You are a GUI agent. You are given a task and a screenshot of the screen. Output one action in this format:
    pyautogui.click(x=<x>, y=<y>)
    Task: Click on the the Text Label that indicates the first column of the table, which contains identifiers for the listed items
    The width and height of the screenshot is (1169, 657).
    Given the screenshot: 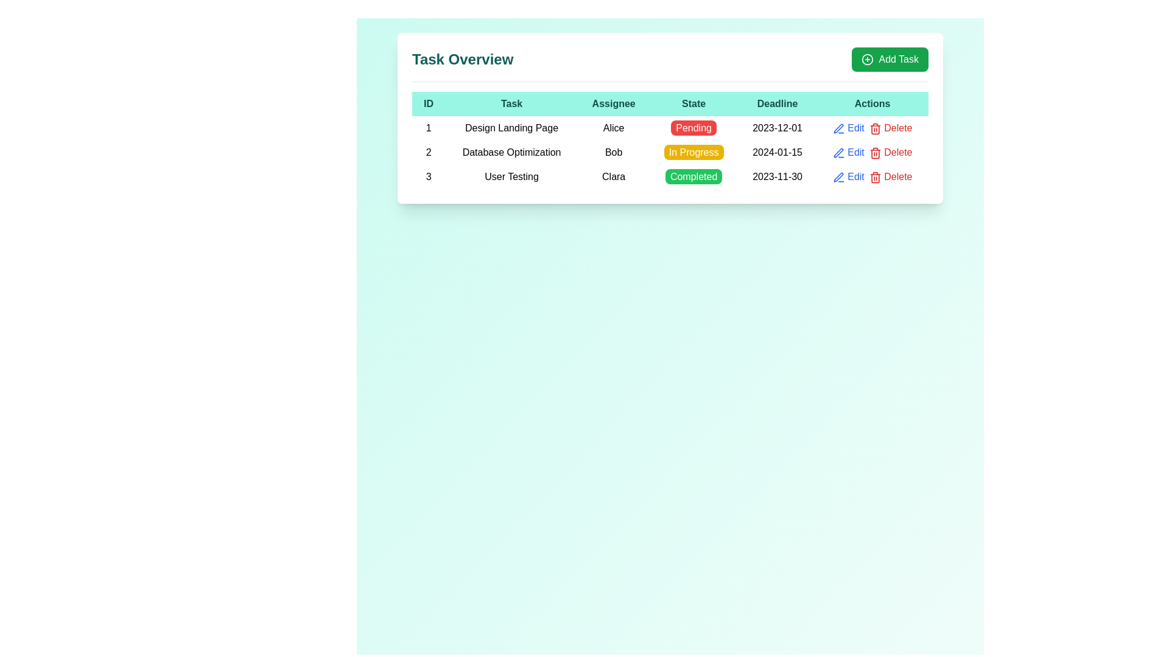 What is the action you would take?
    pyautogui.click(x=429, y=103)
    